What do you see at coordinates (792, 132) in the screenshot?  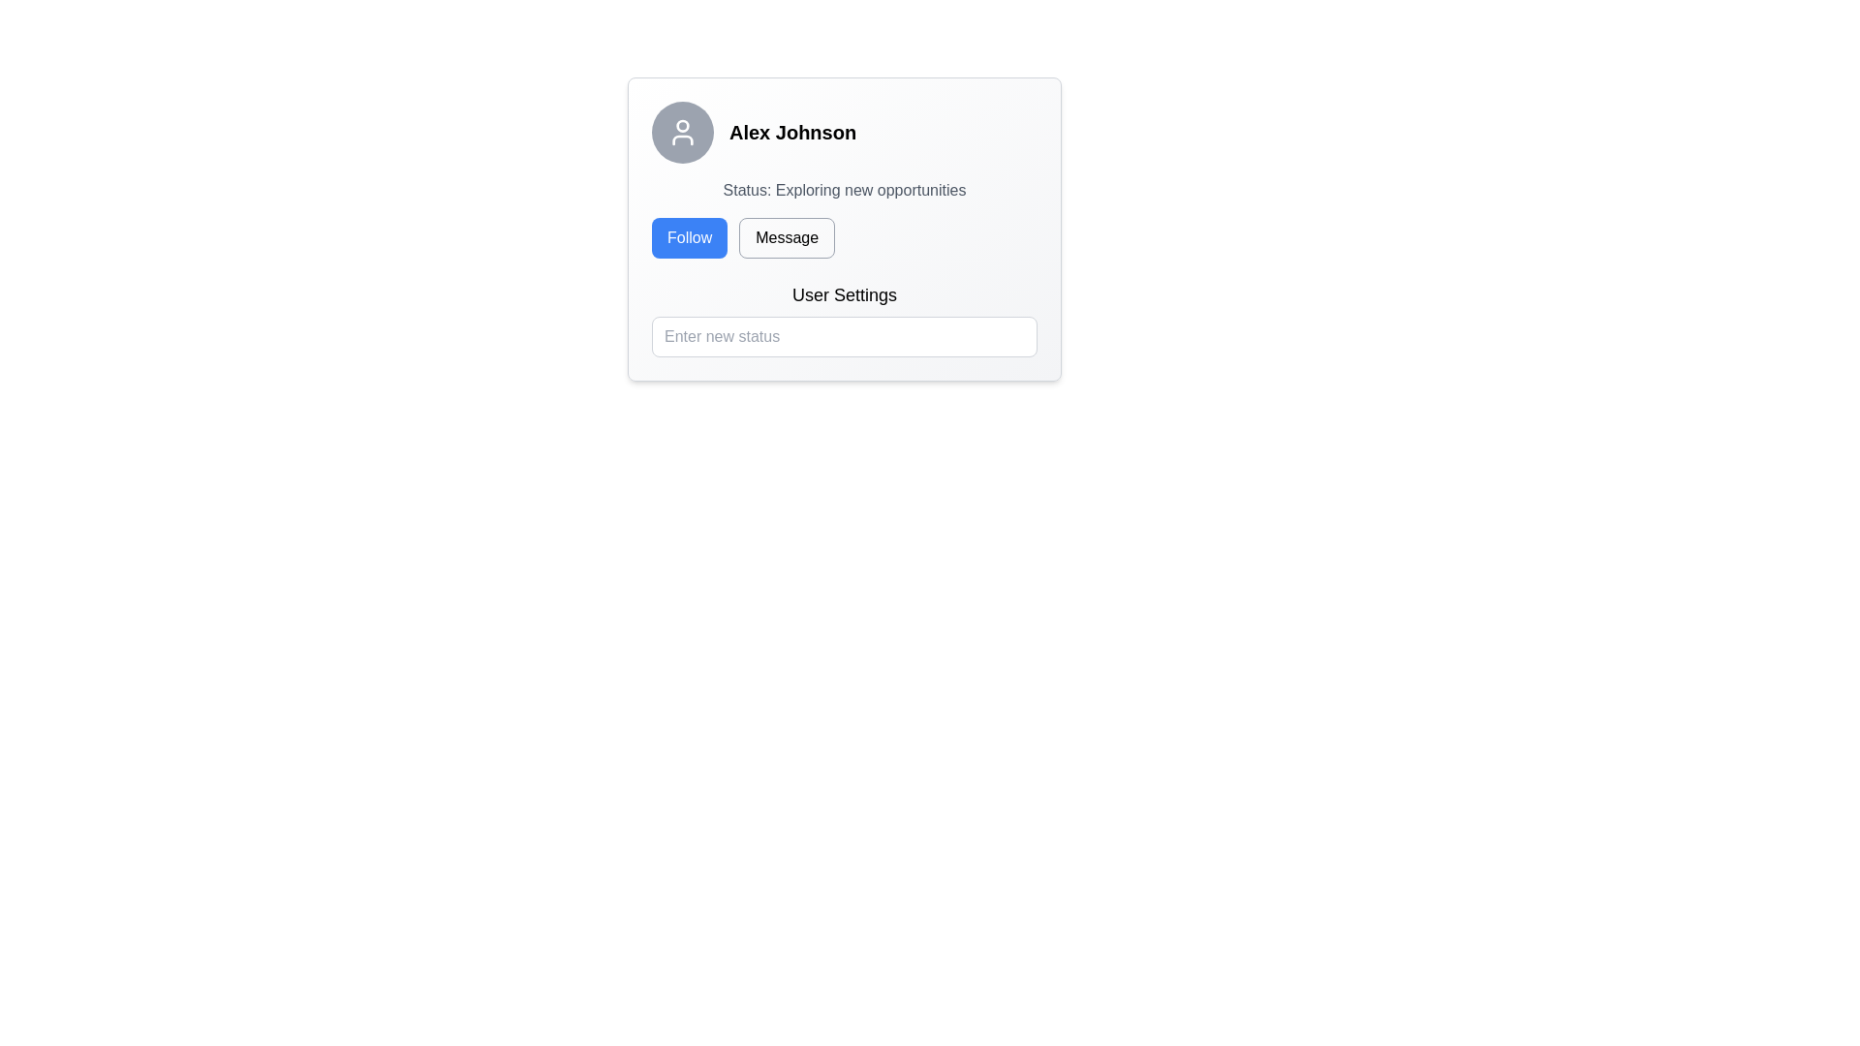 I see `the text element displaying 'Alex Johnson' which is styled in a bold, larger font and is located to the right of a circular user icon and above the status text` at bounding box center [792, 132].